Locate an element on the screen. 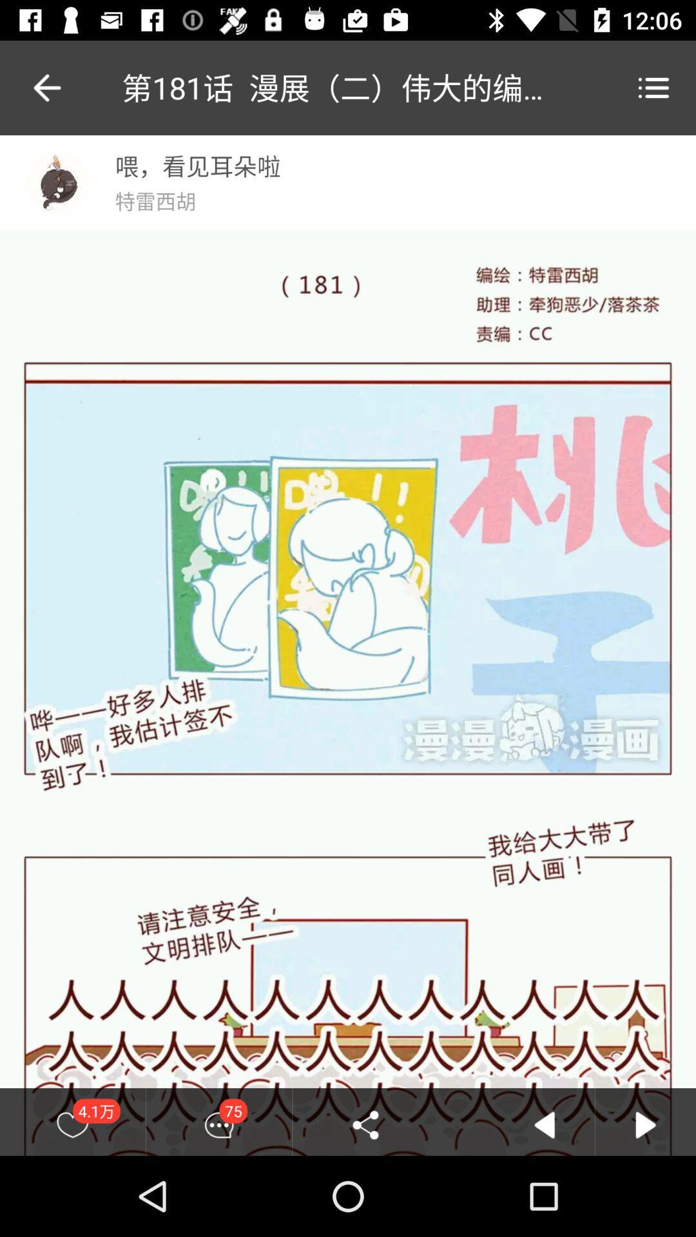  back arrow button is located at coordinates (544, 1124).